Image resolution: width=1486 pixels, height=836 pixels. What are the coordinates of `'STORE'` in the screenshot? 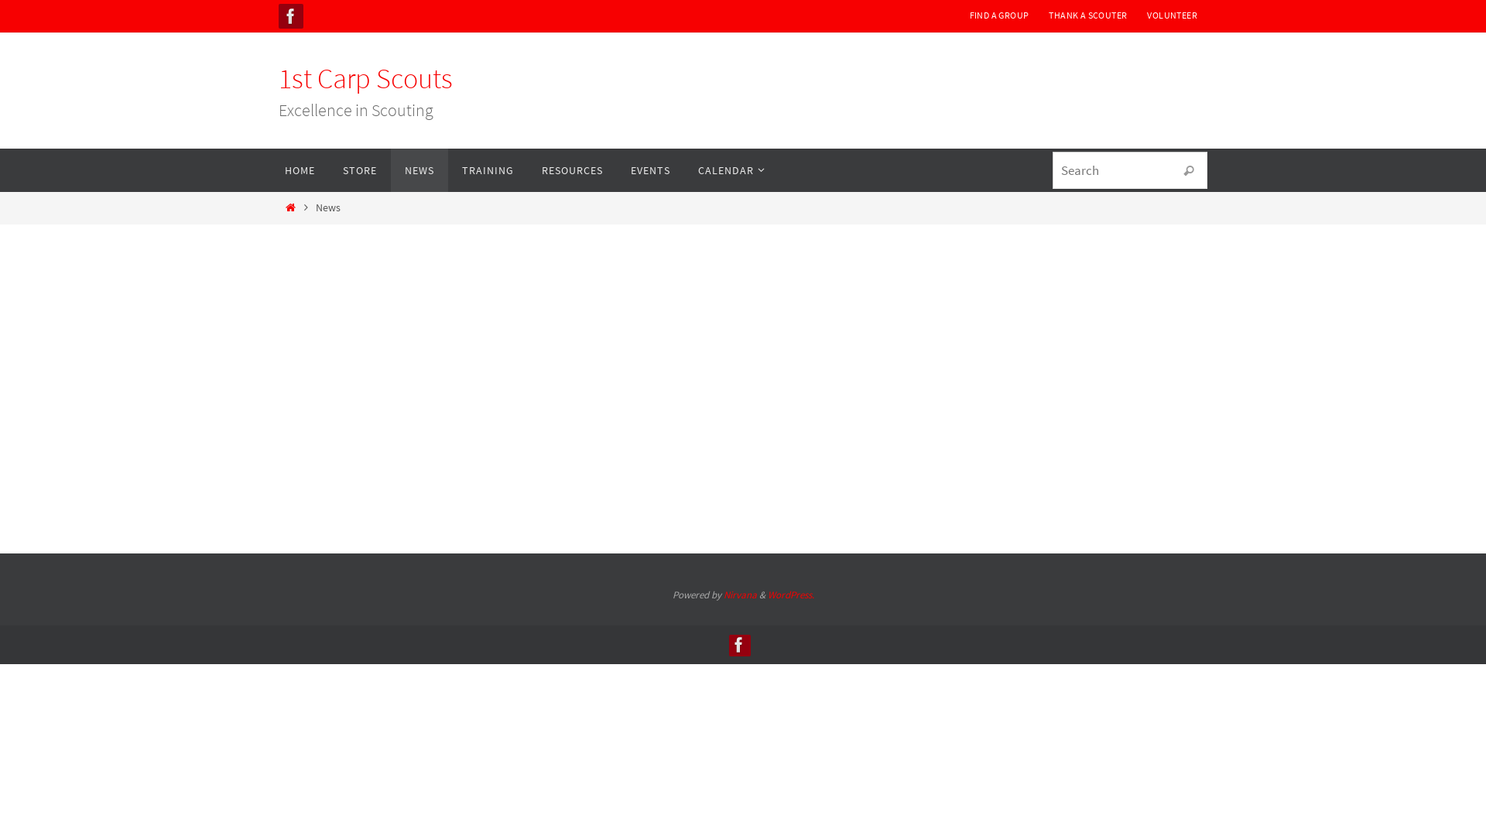 It's located at (359, 170).